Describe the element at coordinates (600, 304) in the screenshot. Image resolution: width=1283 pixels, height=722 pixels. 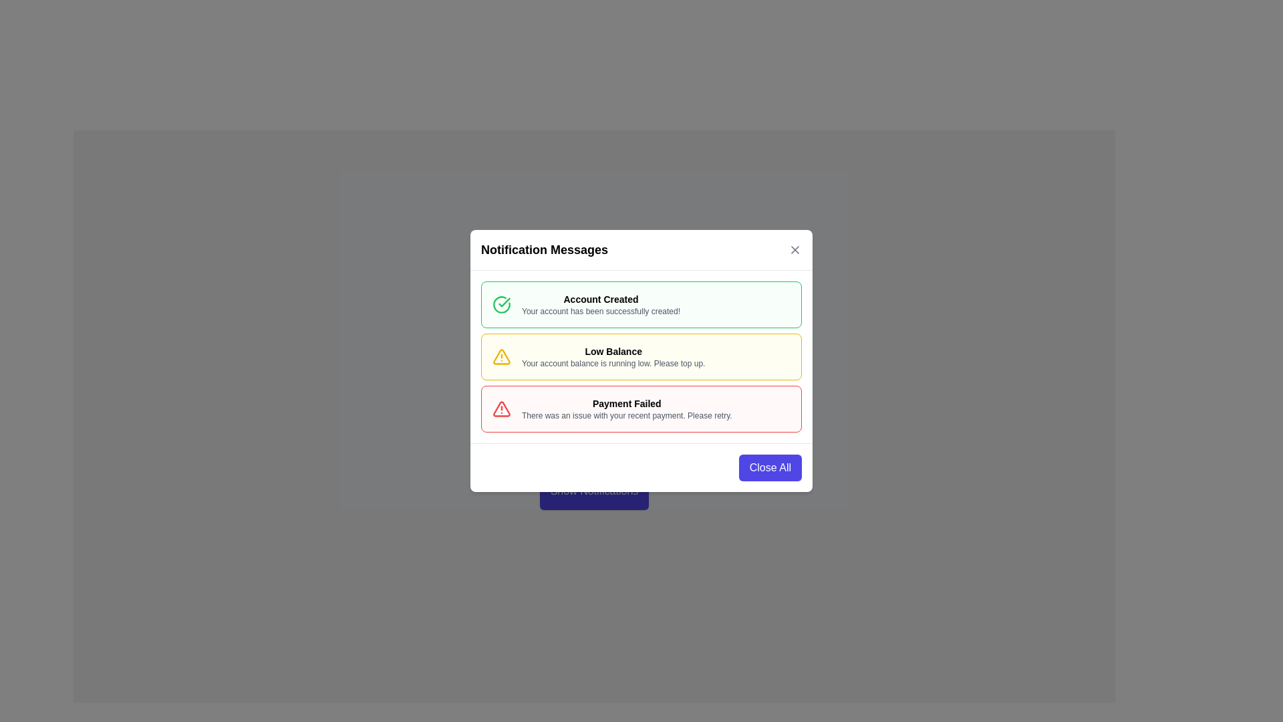
I see `the notification message element displaying 'Account Created' with a green border and light green background` at that location.